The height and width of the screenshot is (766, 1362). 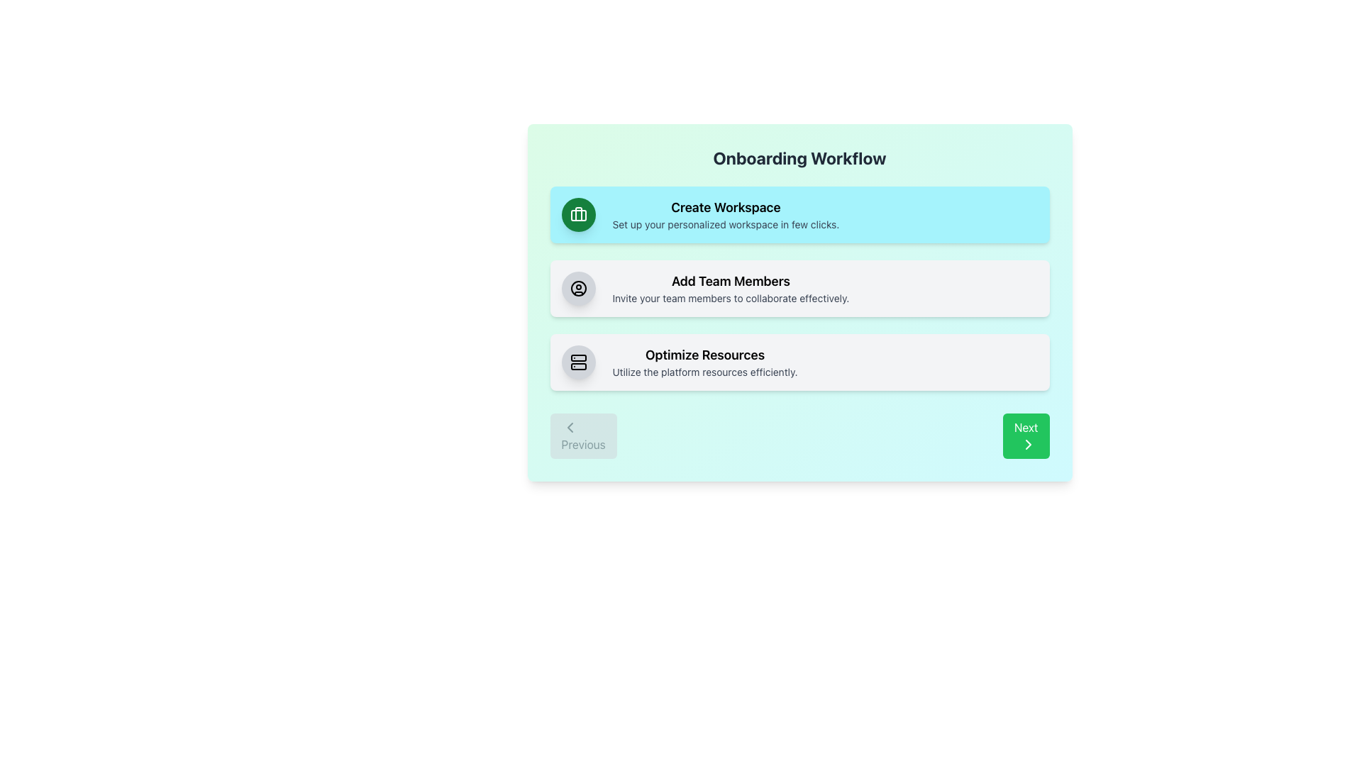 I want to click on the icon located on the right side of the 'Next' label text within the 'Next' button at the bottom right of the interface, so click(x=1028, y=444).